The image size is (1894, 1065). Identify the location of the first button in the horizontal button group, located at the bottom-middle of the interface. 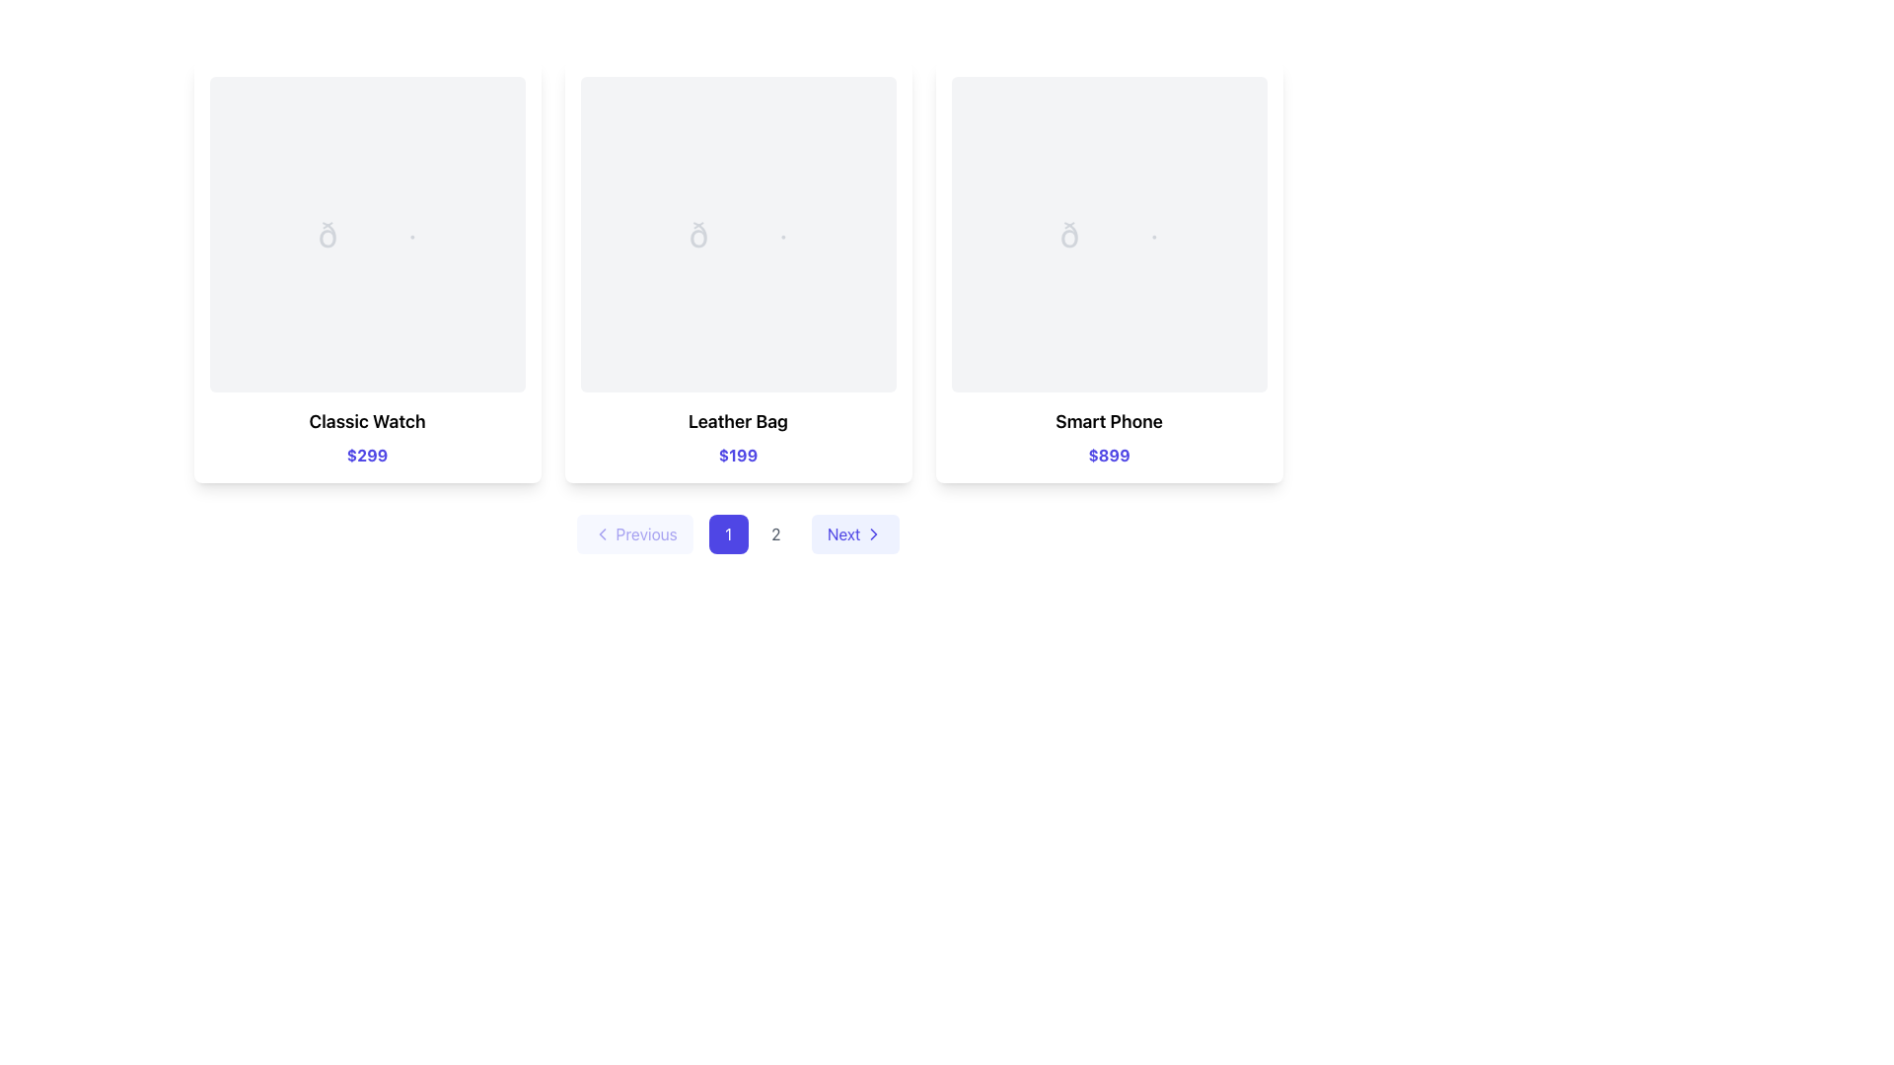
(727, 534).